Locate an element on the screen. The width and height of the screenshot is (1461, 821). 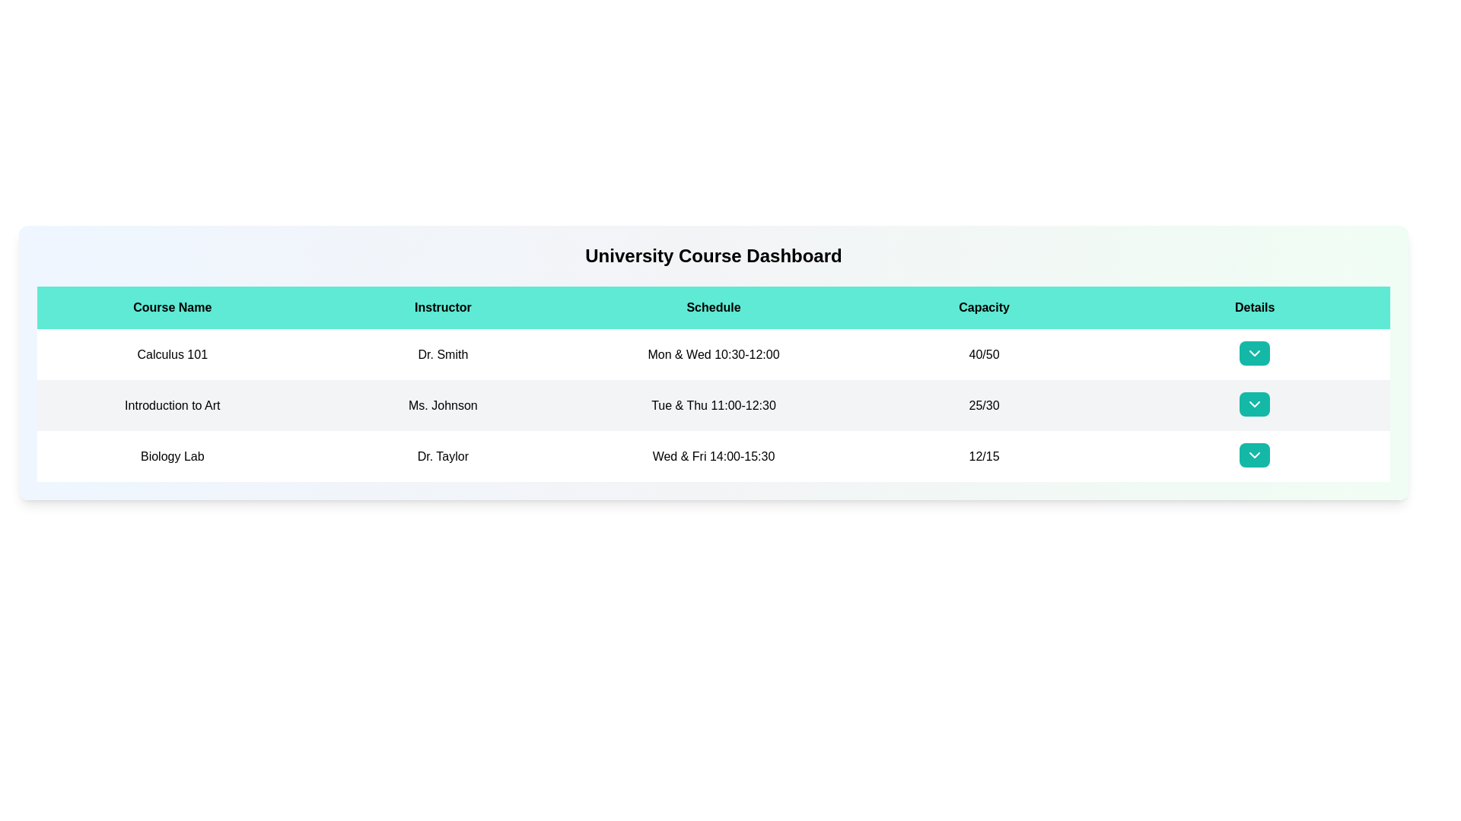
the dropdown button in the 'Details' column of the second row of the table to trigger hover-related behavior is located at coordinates (1255, 404).